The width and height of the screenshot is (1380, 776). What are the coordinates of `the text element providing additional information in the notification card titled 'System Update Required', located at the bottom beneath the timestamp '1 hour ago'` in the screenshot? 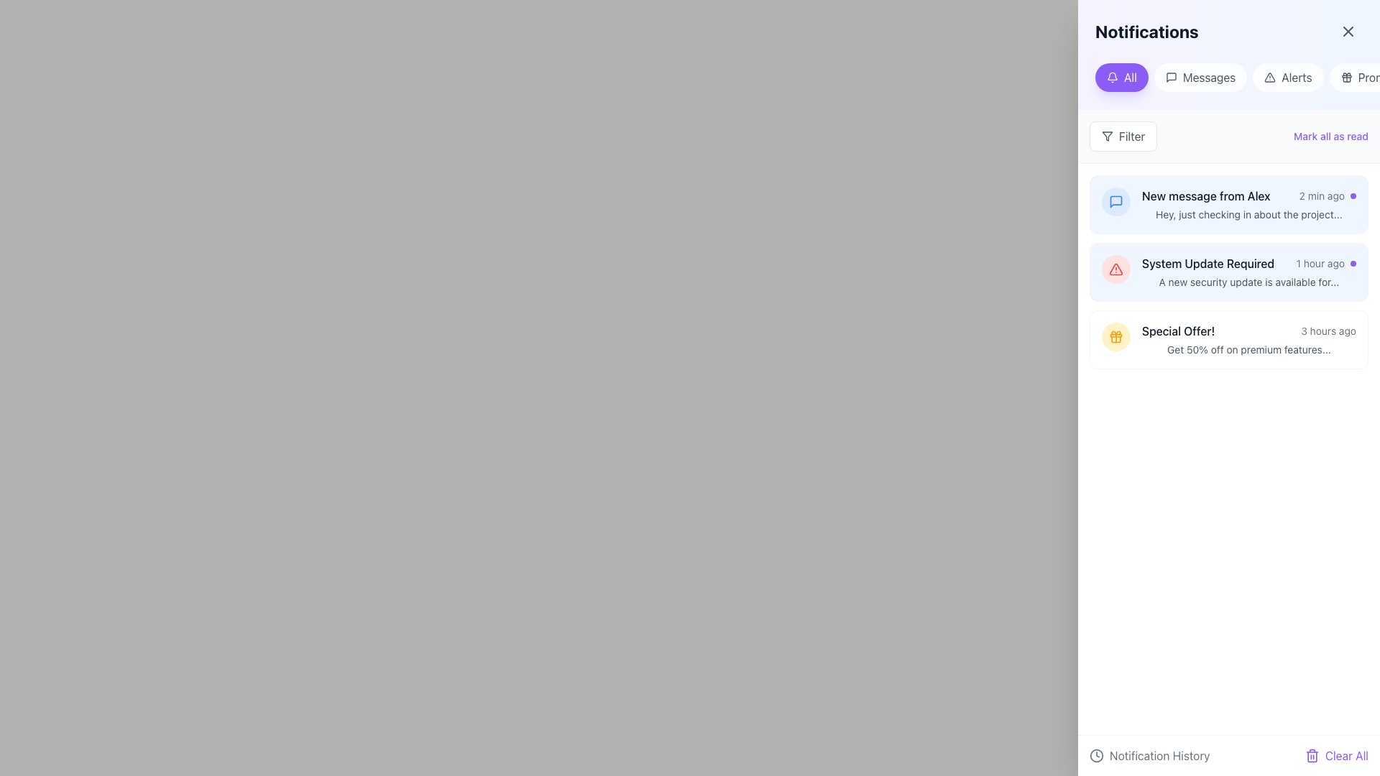 It's located at (1248, 282).